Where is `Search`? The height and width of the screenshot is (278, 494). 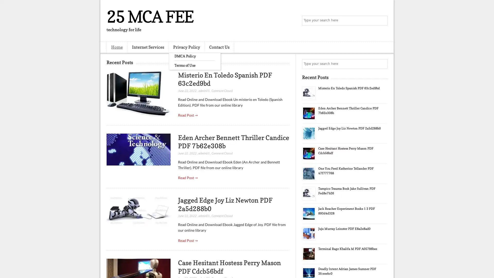 Search is located at coordinates (382, 21).